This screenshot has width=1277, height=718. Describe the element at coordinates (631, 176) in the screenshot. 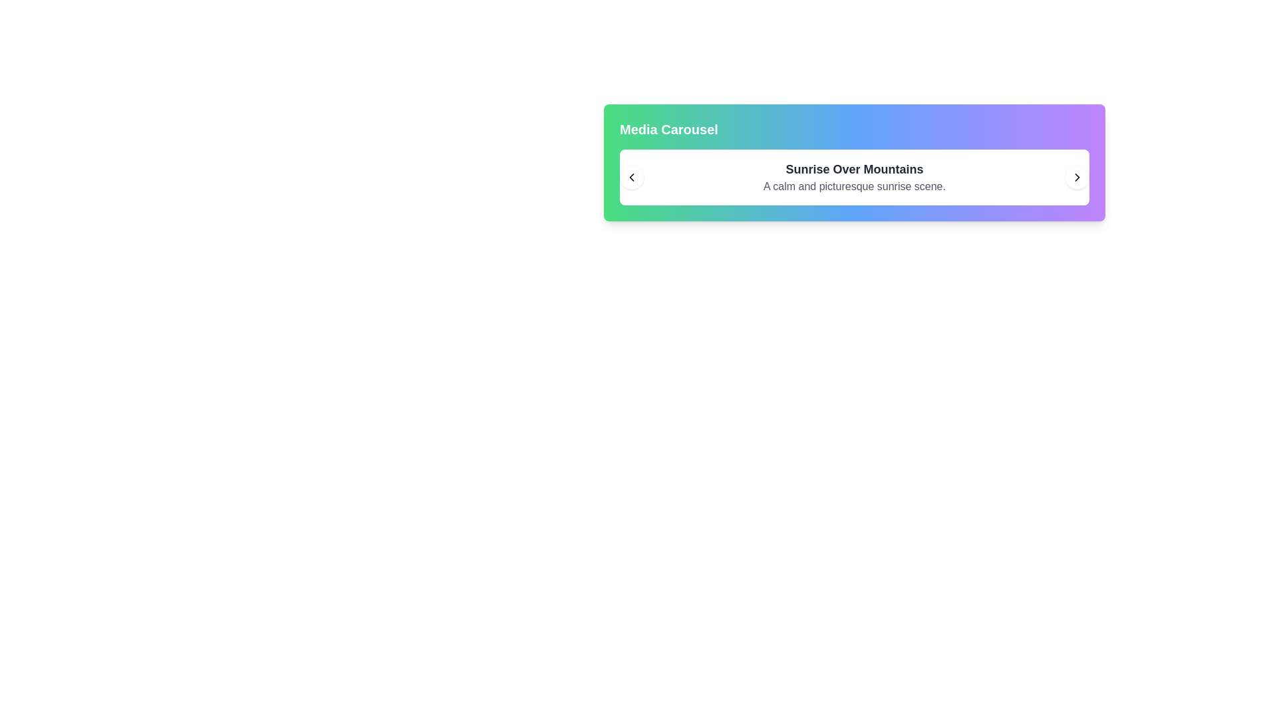

I see `the left-facing chevron icon located at the far left of the card interface, adjacent to the text 'Sunrise Over Mountains'` at that location.